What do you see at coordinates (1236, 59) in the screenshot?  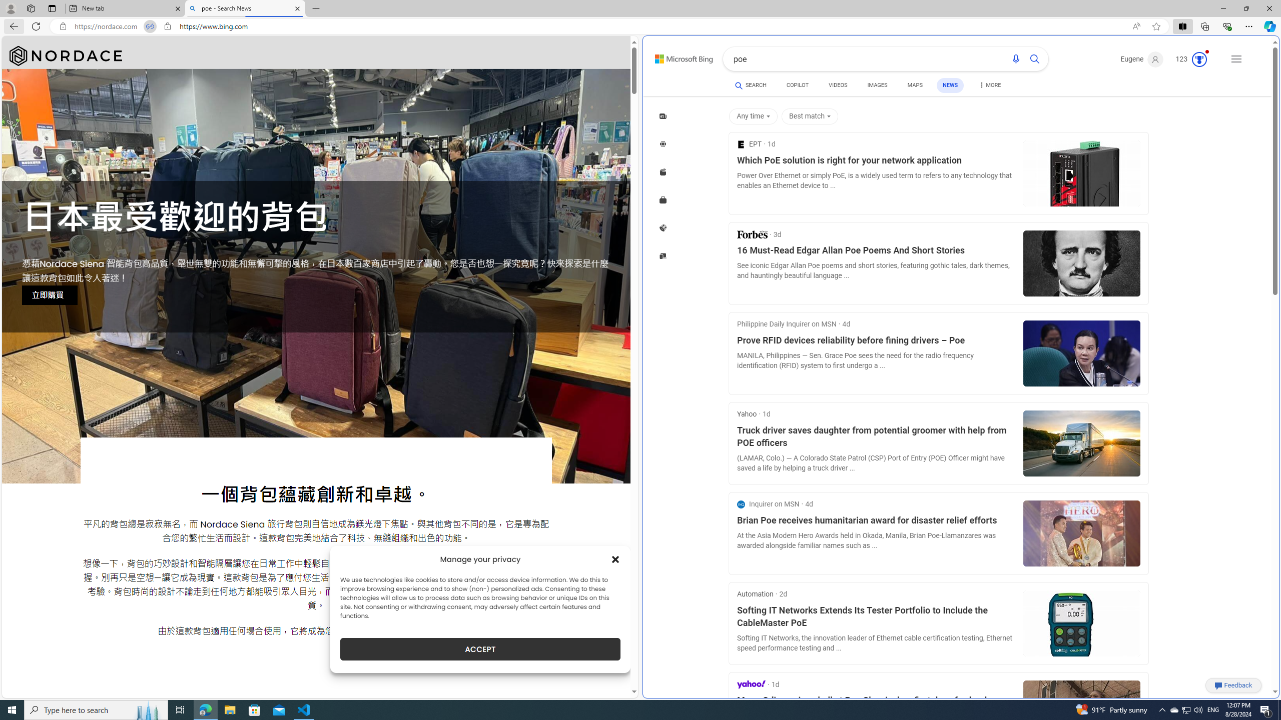 I see `'Settings and quick links'` at bounding box center [1236, 59].